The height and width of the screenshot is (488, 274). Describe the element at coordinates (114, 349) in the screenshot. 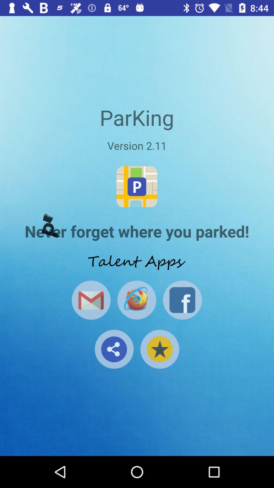

I see `share button` at that location.